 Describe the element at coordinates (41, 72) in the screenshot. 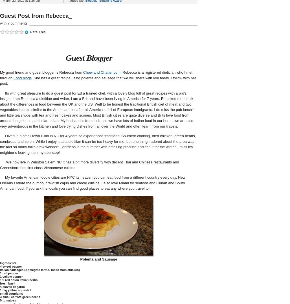

I see `'My good friend and guest blogger is Rebecca from'` at that location.